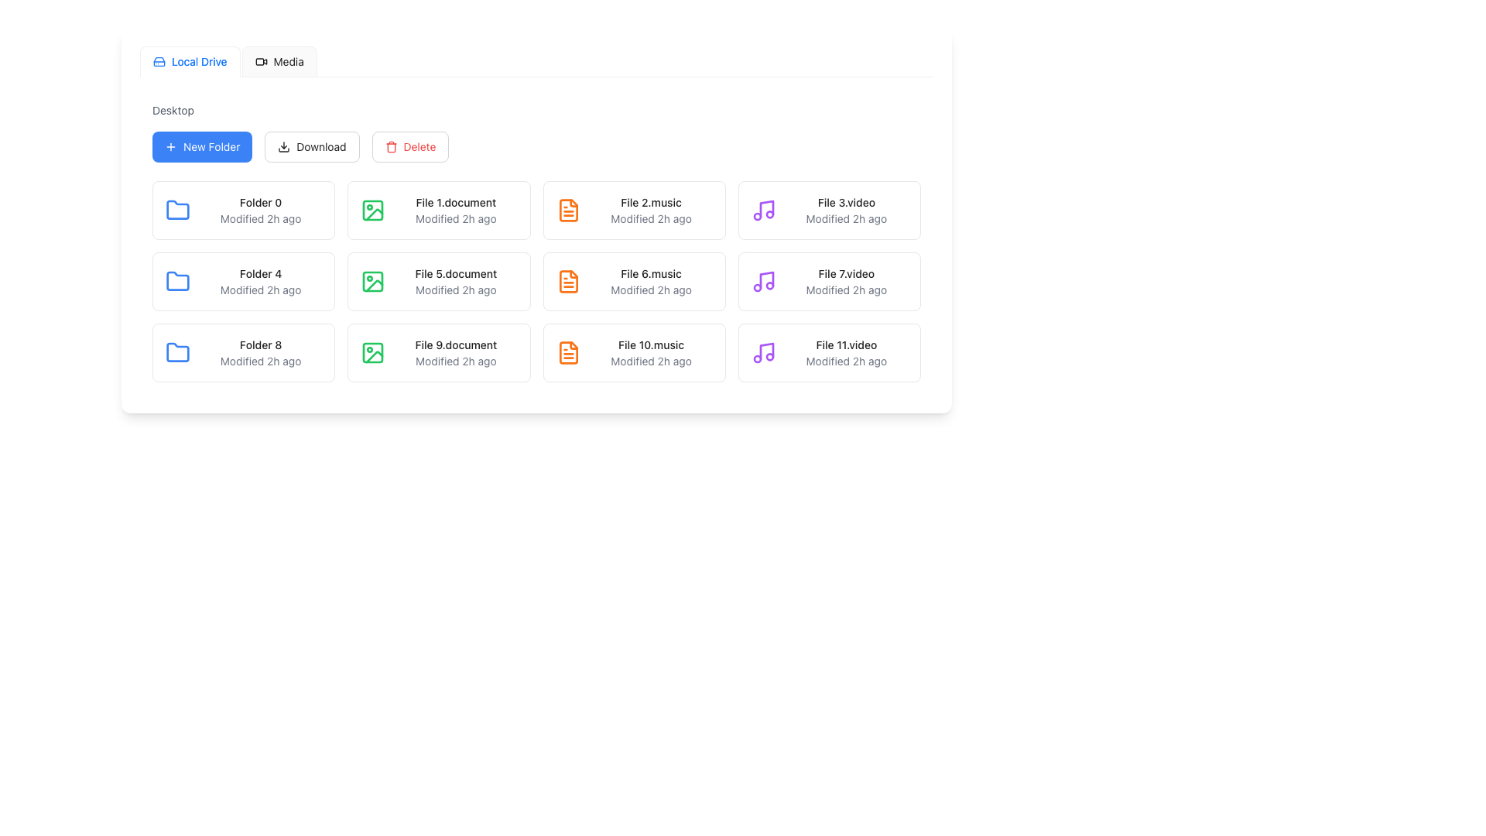 This screenshot has height=836, width=1486. Describe the element at coordinates (178, 211) in the screenshot. I see `the folder icon in the first row of the file listing table` at that location.